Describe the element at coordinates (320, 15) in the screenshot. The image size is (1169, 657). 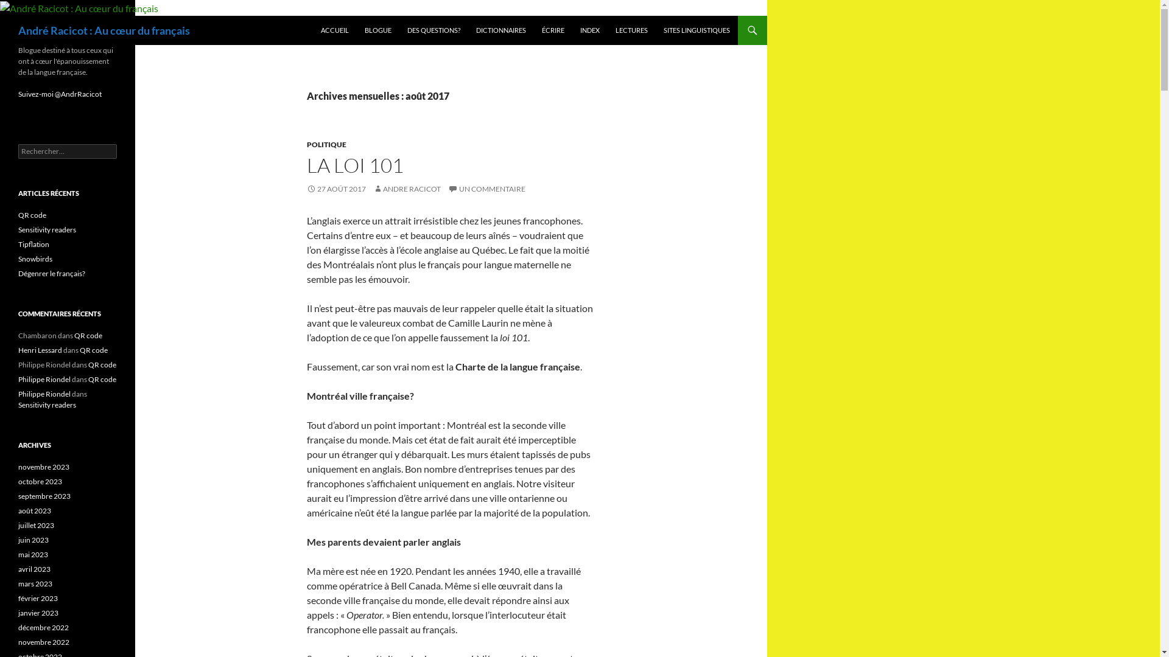
I see `'ALLER AU CONTENU'` at that location.